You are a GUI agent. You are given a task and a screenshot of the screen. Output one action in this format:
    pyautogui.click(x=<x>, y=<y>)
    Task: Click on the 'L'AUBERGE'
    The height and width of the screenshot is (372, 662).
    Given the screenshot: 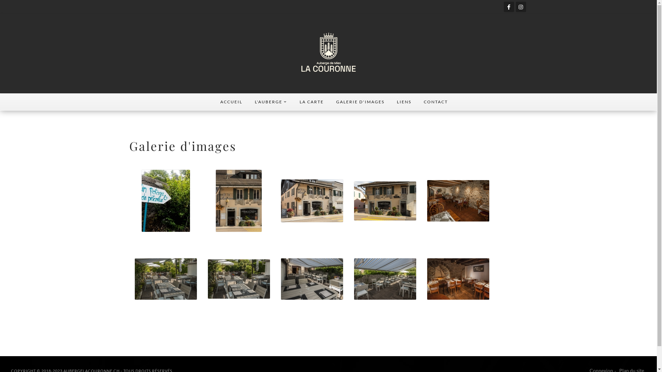 What is the action you would take?
    pyautogui.click(x=270, y=102)
    